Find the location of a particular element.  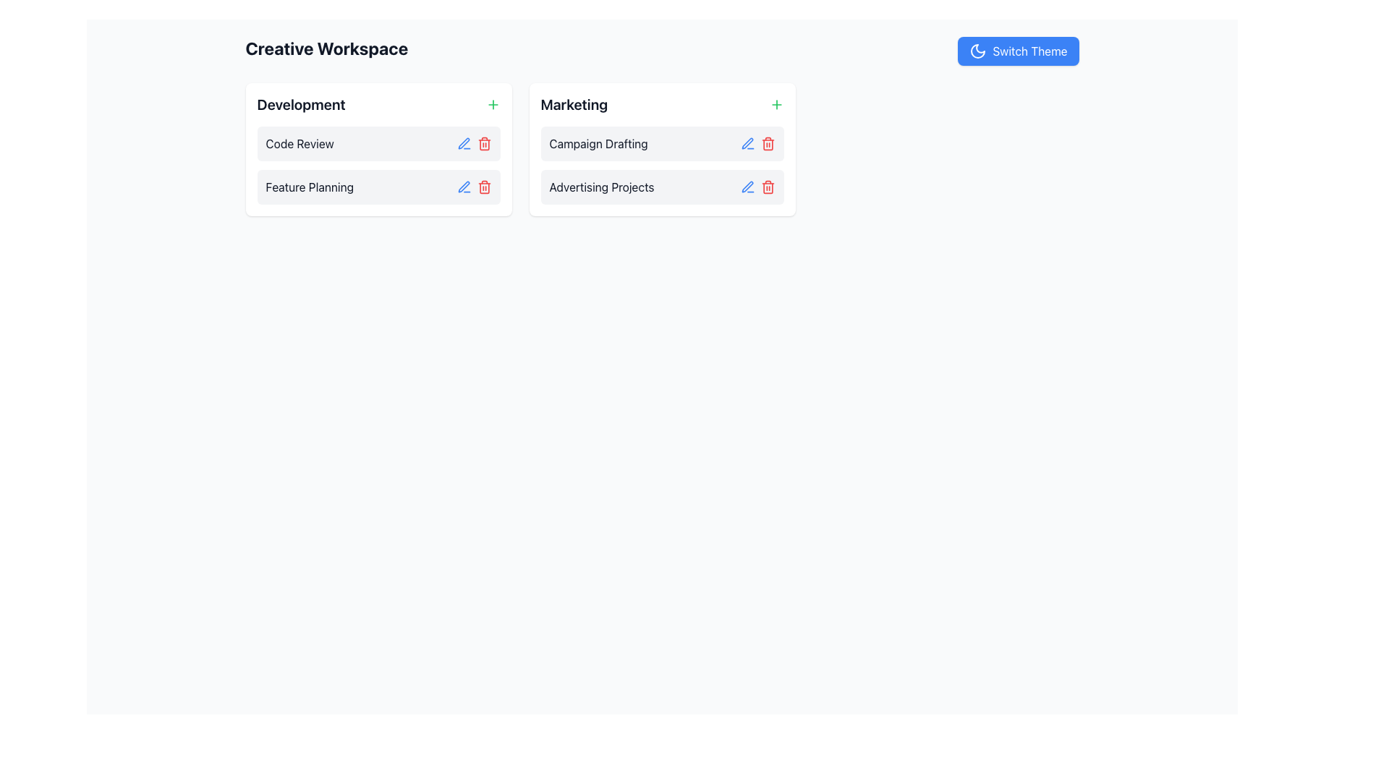

the red trashcan icon button is located at coordinates (767, 144).